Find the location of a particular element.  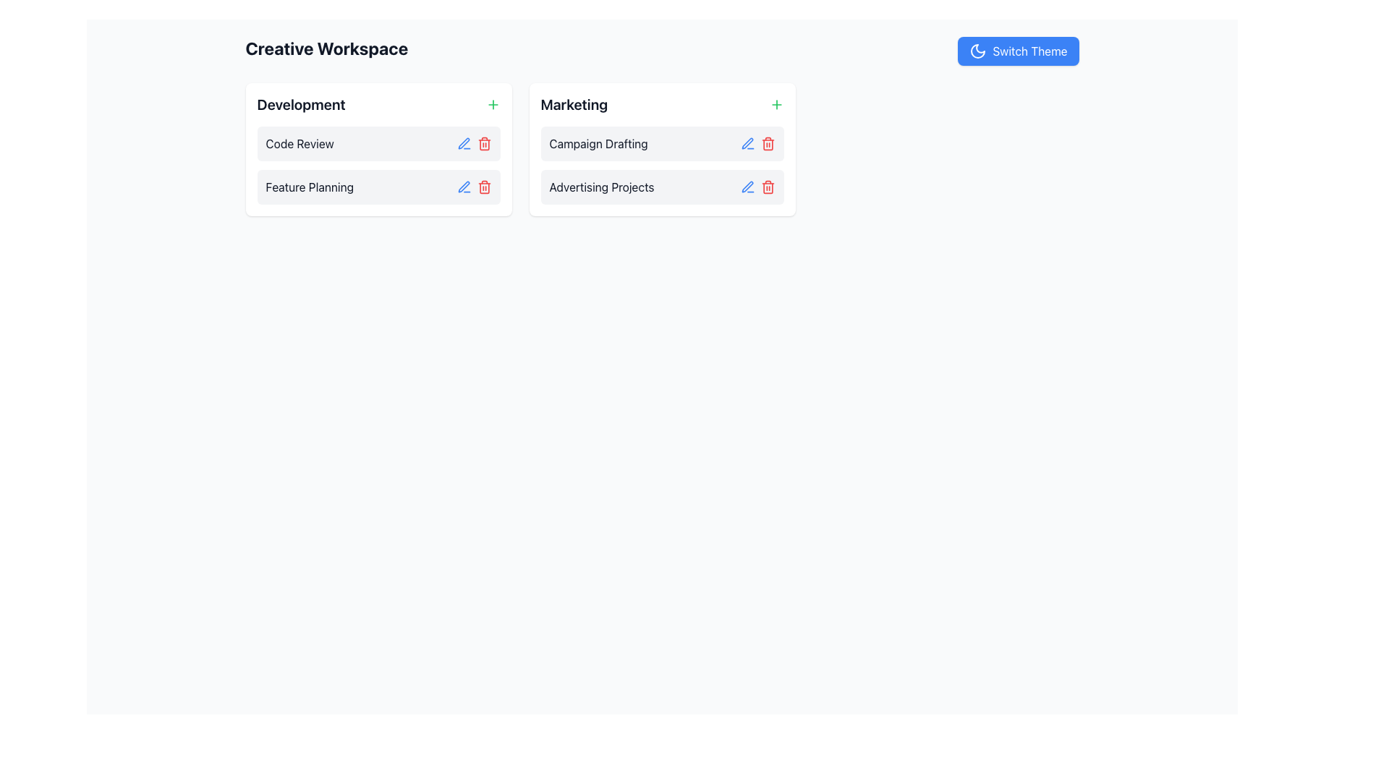

the red trashcan icon button is located at coordinates (767, 144).